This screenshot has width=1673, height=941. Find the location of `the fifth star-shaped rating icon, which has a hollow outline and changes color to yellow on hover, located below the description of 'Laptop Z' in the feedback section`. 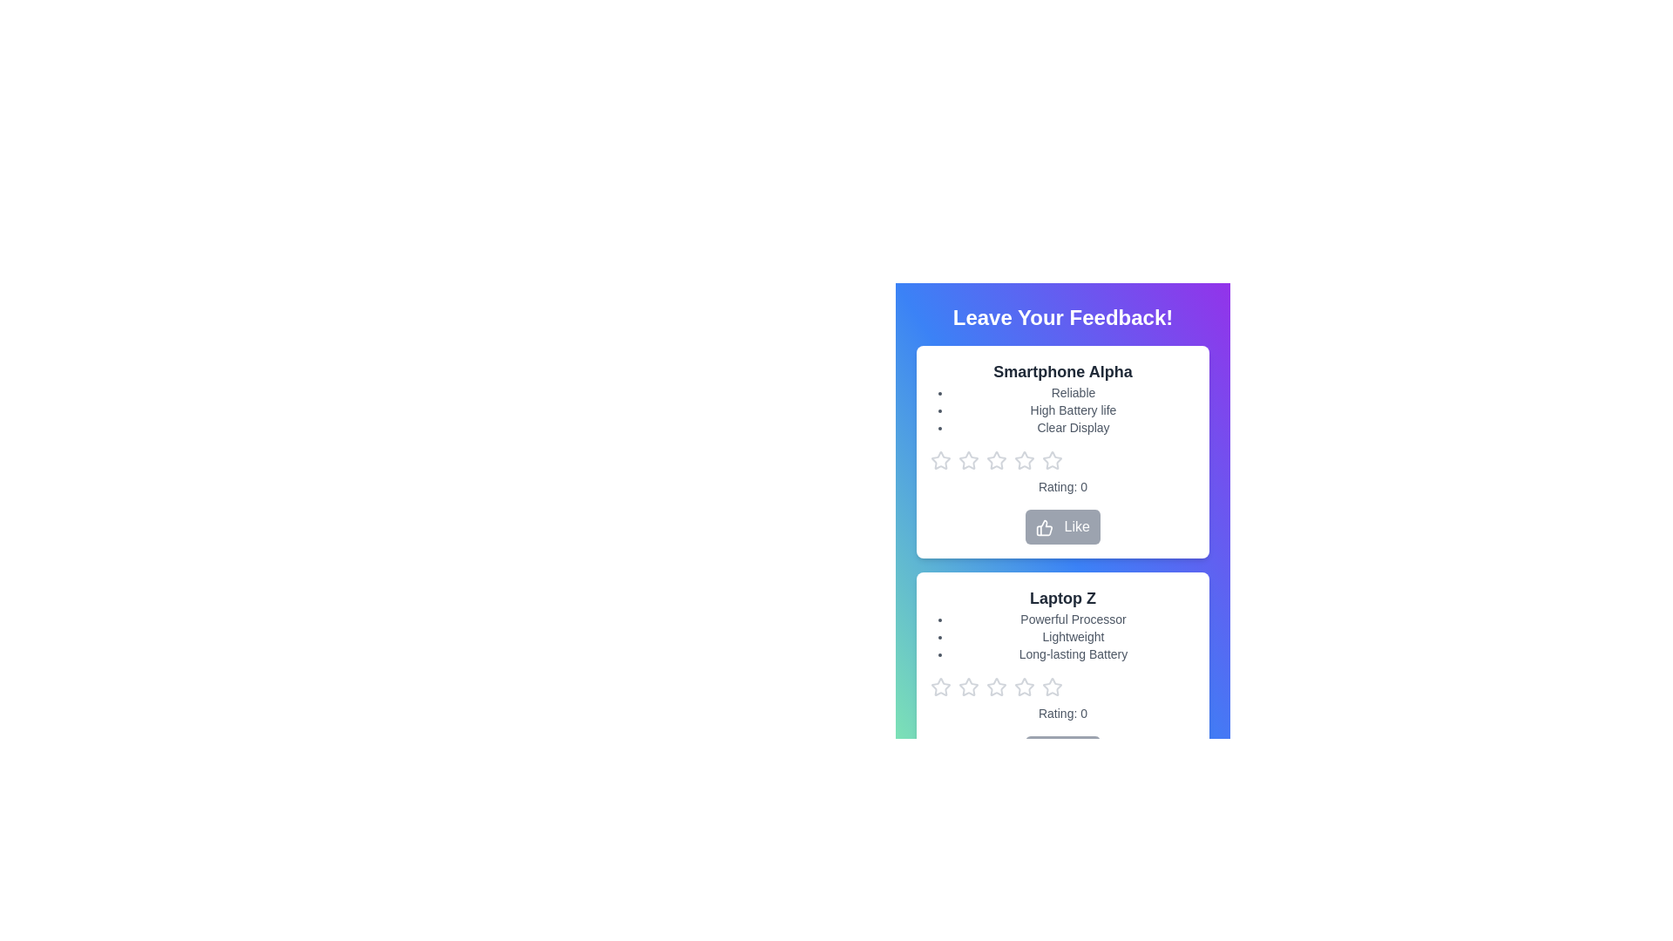

the fifth star-shaped rating icon, which has a hollow outline and changes color to yellow on hover, located below the description of 'Laptop Z' in the feedback section is located at coordinates (1025, 687).